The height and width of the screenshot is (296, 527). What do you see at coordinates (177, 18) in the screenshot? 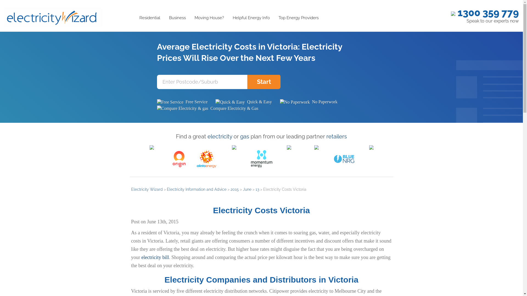
I see `'Business'` at bounding box center [177, 18].